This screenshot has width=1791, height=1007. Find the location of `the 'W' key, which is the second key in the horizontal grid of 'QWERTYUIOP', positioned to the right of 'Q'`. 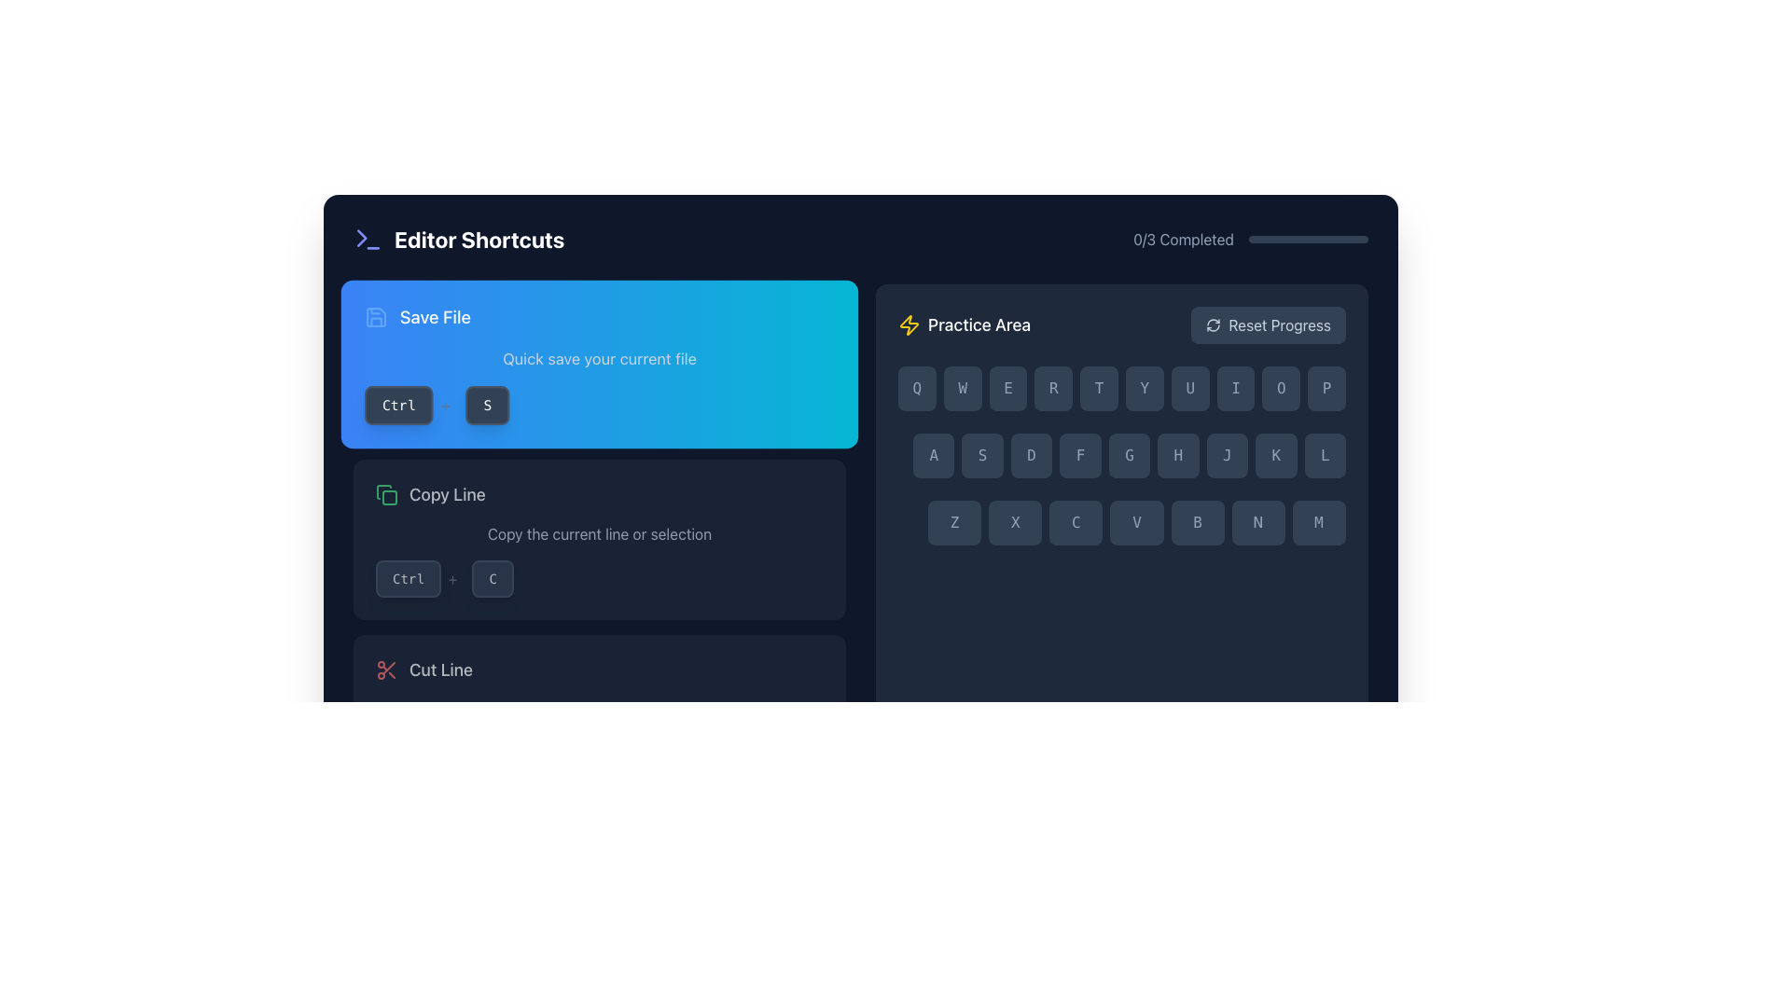

the 'W' key, which is the second key in the horizontal grid of 'QWERTYUIOP', positioned to the right of 'Q' is located at coordinates (963, 387).